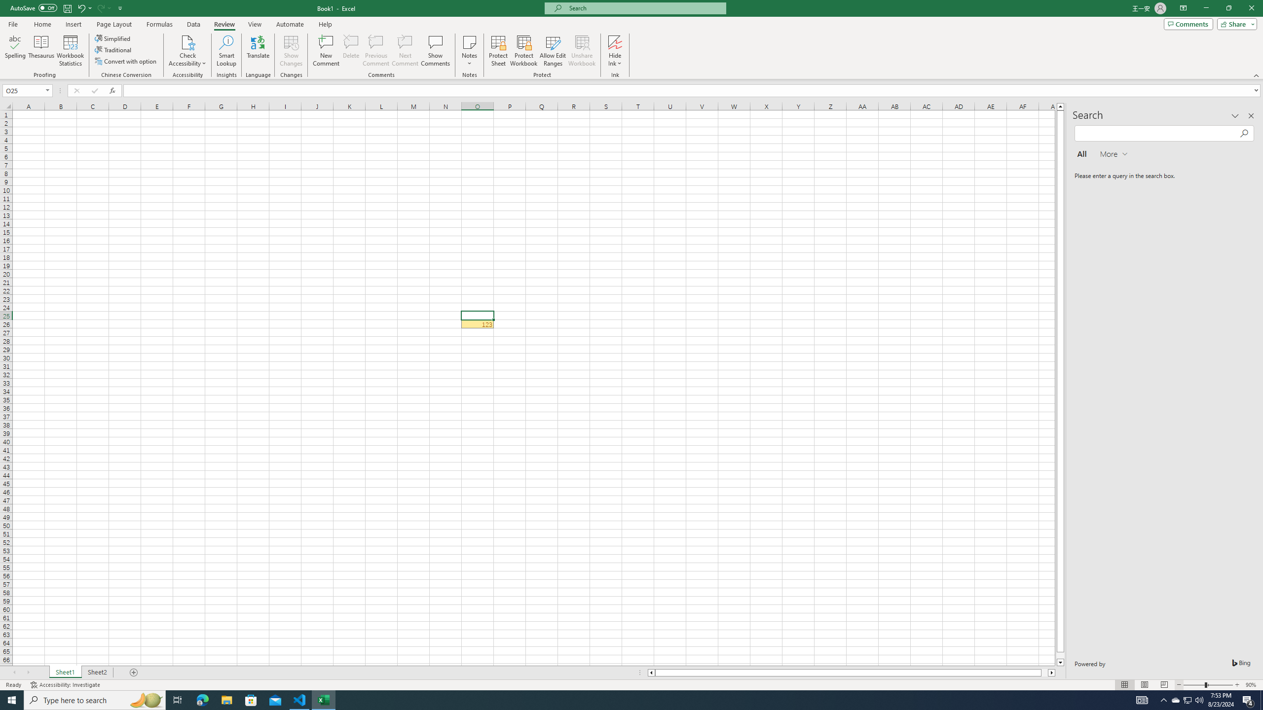 The image size is (1263, 710). What do you see at coordinates (114, 49) in the screenshot?
I see `'Traditional'` at bounding box center [114, 49].